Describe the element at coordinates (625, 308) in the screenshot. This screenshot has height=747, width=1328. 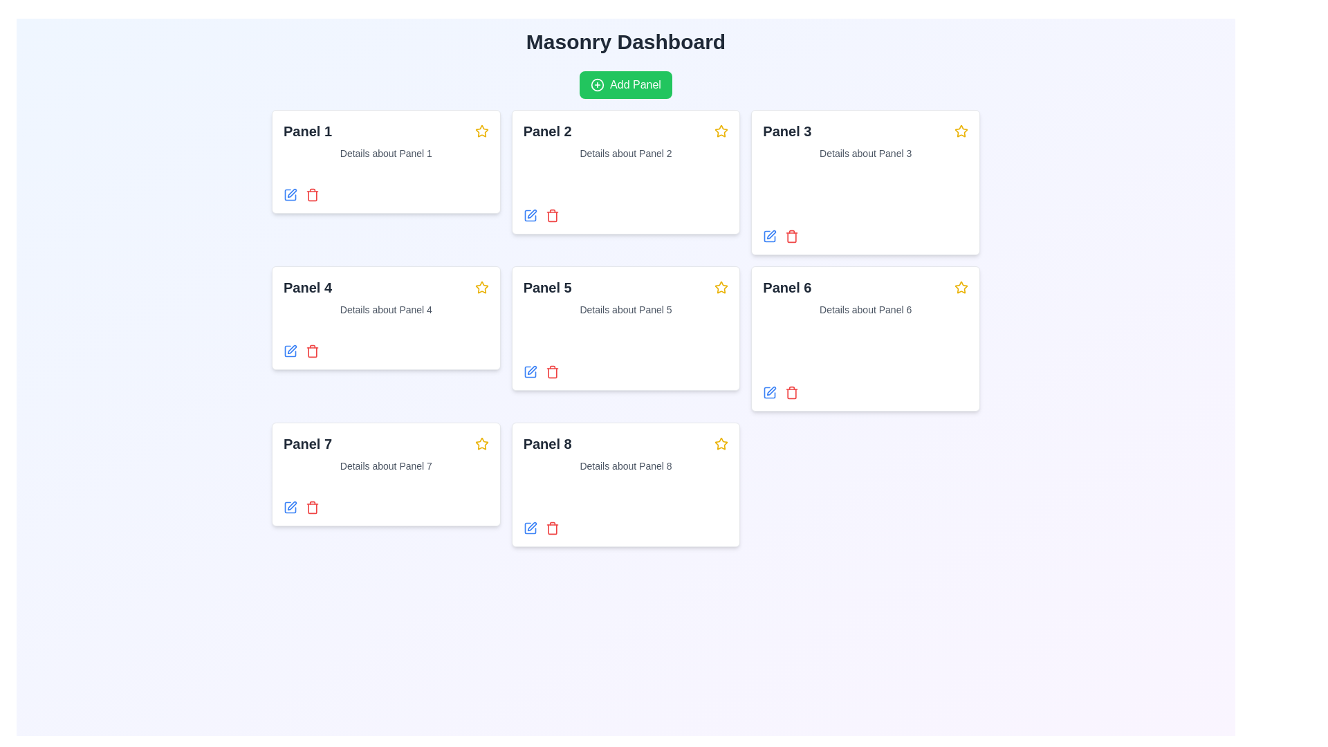
I see `static descriptive text located beneath the title of the card labeled 'Panel 5', which is positioned in the middle row of displayed cards` at that location.